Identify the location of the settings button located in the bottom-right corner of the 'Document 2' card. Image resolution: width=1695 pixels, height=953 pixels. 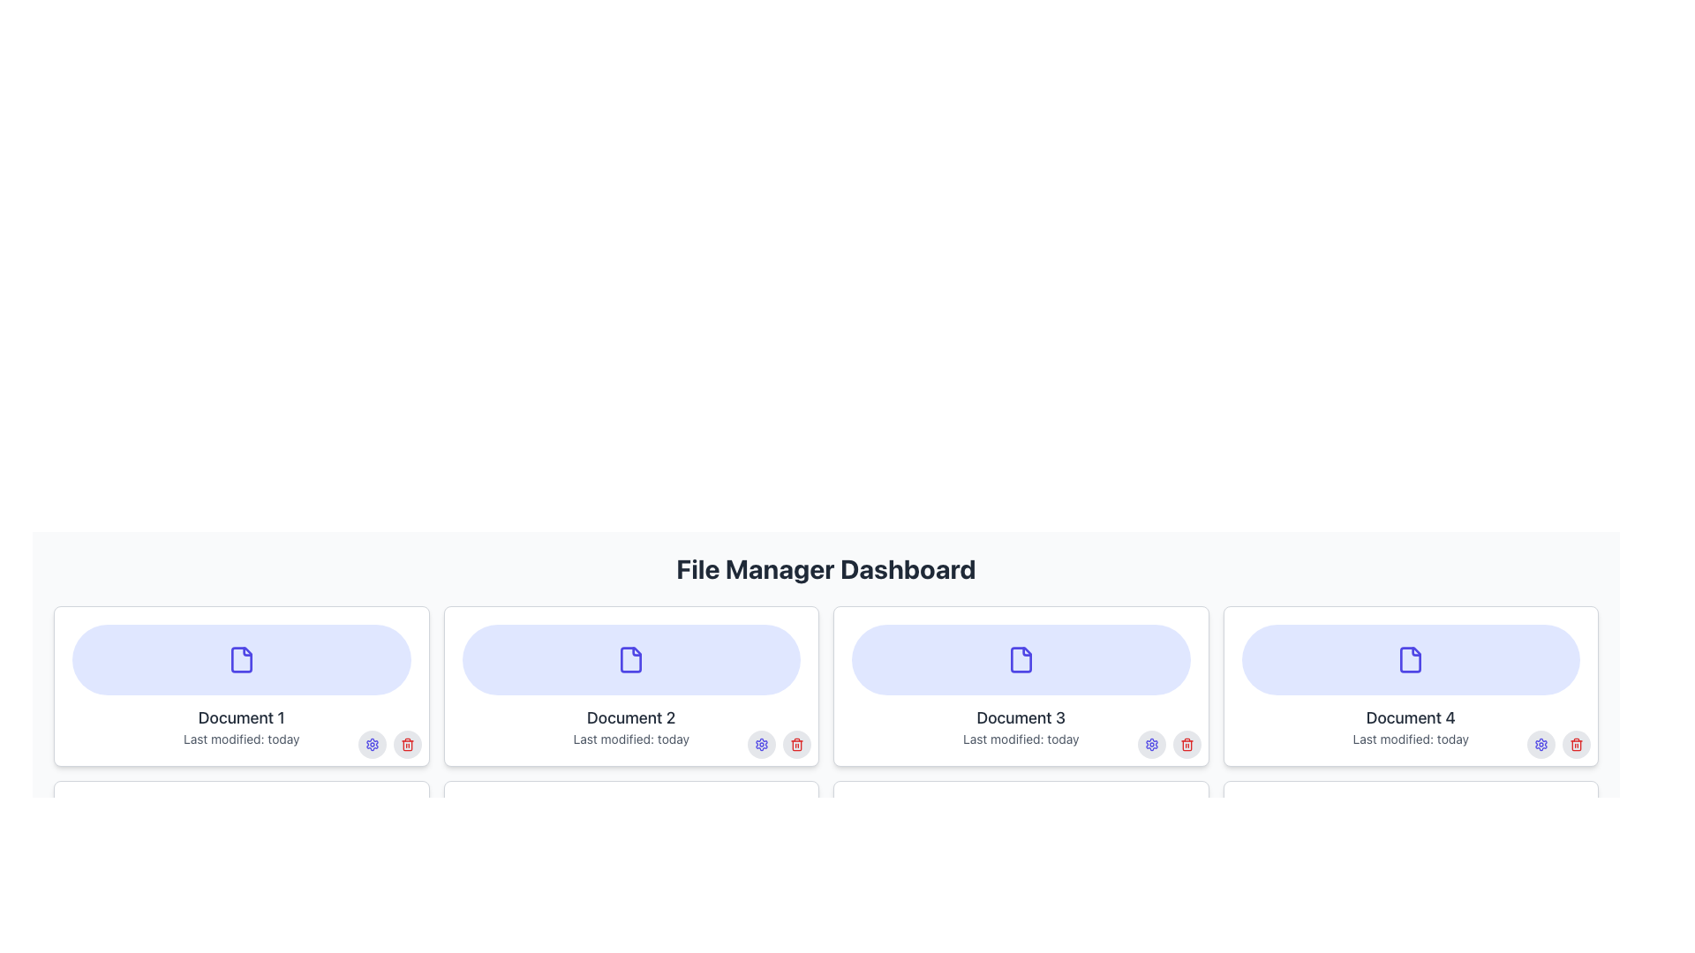
(762, 745).